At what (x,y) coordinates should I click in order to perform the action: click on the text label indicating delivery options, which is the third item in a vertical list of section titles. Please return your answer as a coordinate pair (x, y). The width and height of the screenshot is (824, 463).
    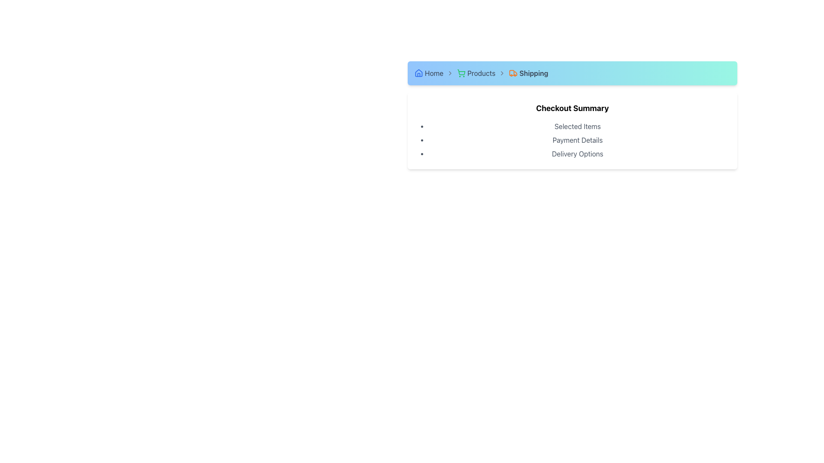
    Looking at the image, I should click on (577, 153).